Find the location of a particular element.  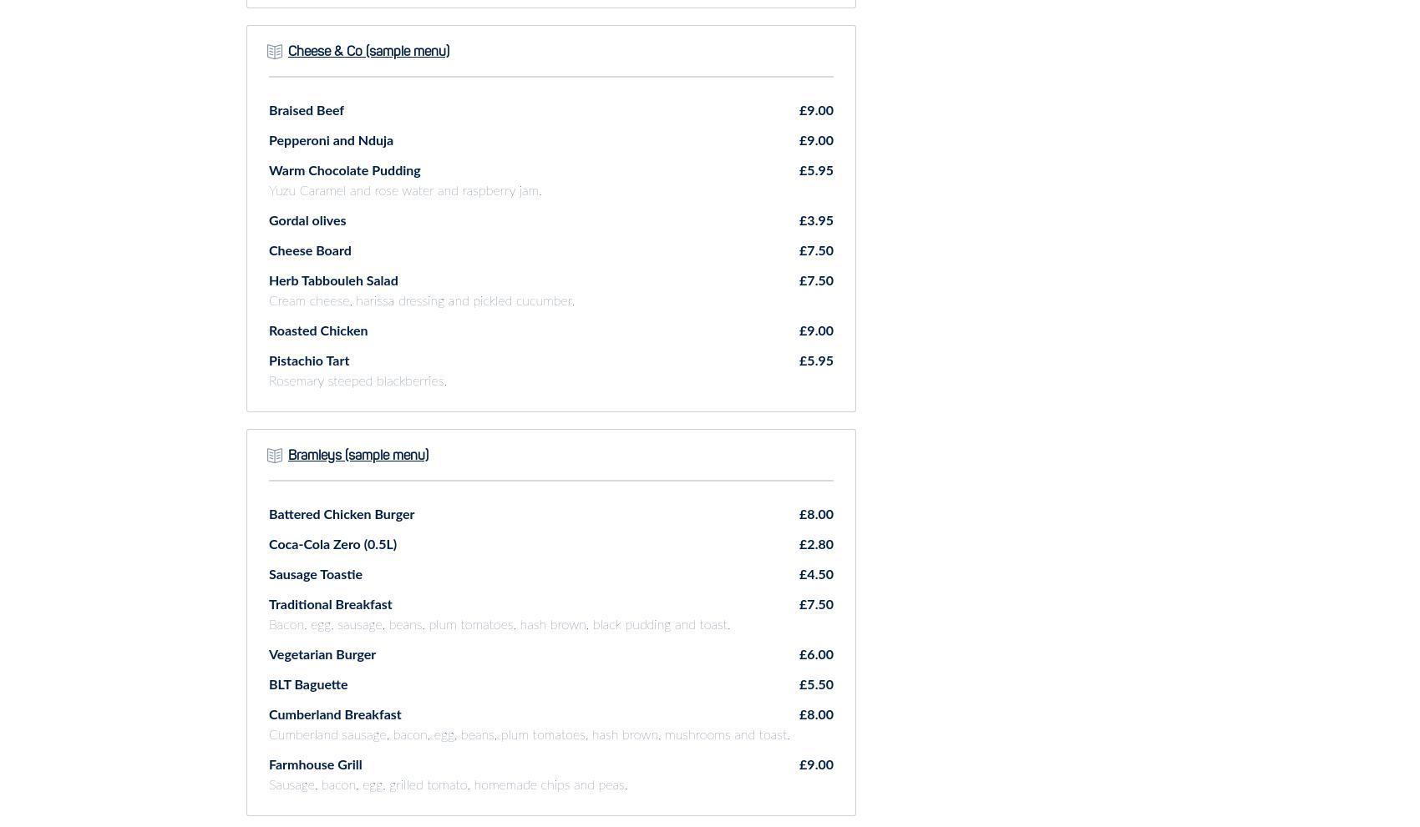

'Farmhouse Grill' is located at coordinates (267, 763).